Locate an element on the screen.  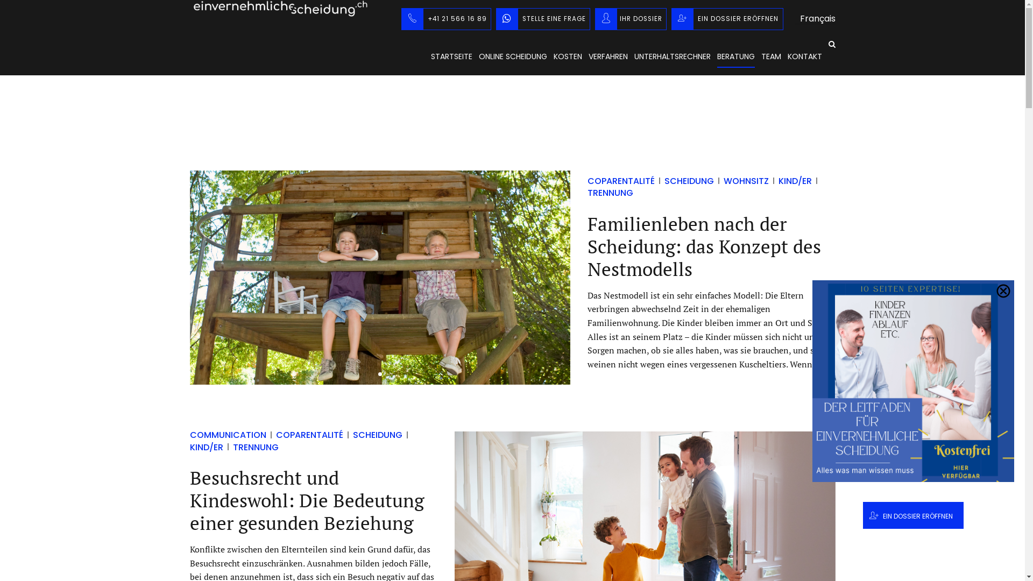
'KOSTEN' is located at coordinates (567, 56).